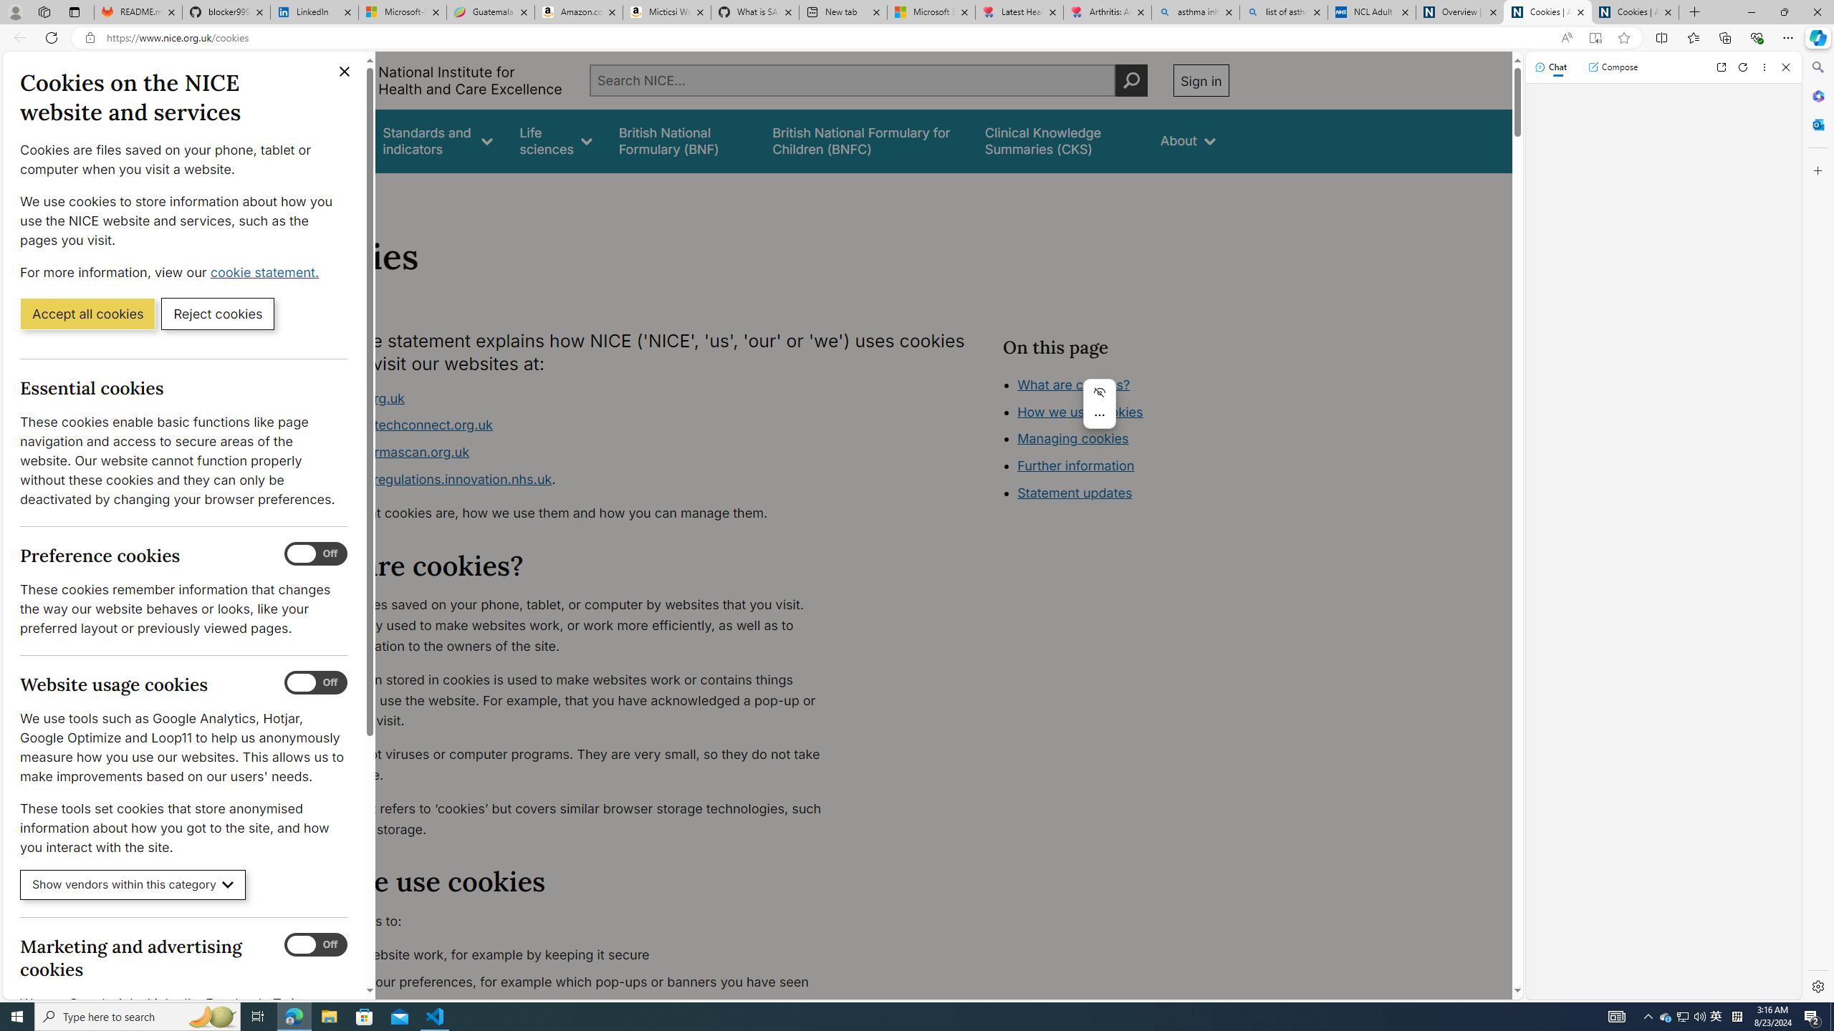 The width and height of the screenshot is (1834, 1031). I want to click on 'Statement updates', so click(1075, 493).